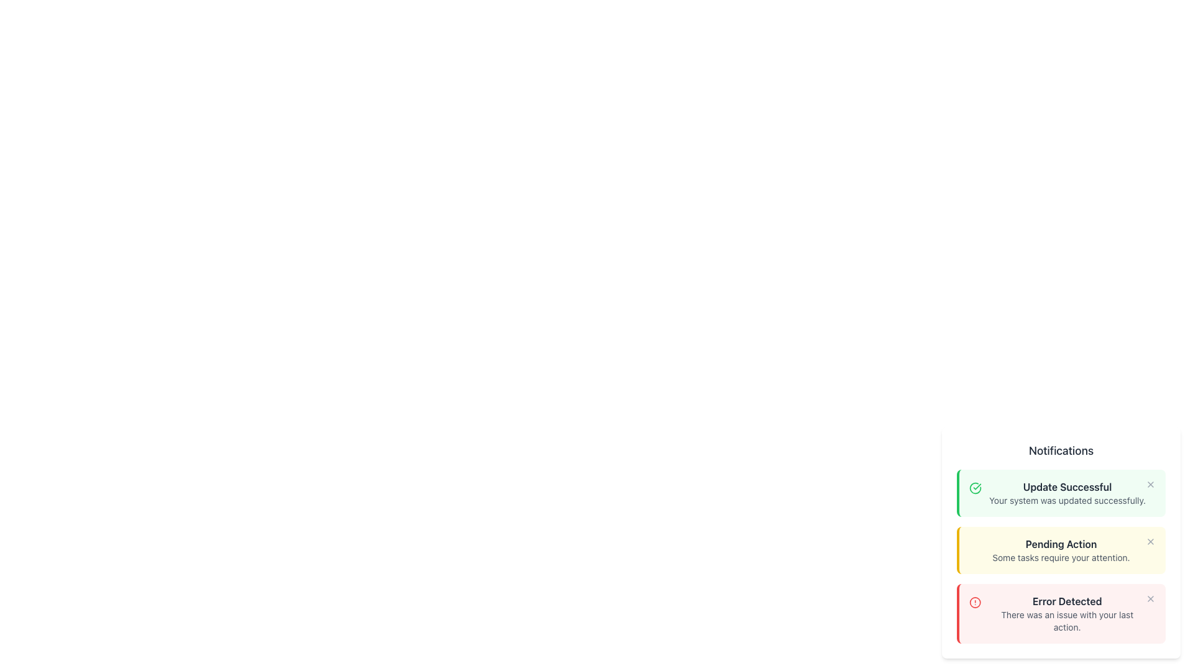 This screenshot has width=1193, height=671. What do you see at coordinates (1061, 550) in the screenshot?
I see `the 'Pending Action' notification card, which has a bolded heading and yellow border, to interact with other elements within or around it` at bounding box center [1061, 550].